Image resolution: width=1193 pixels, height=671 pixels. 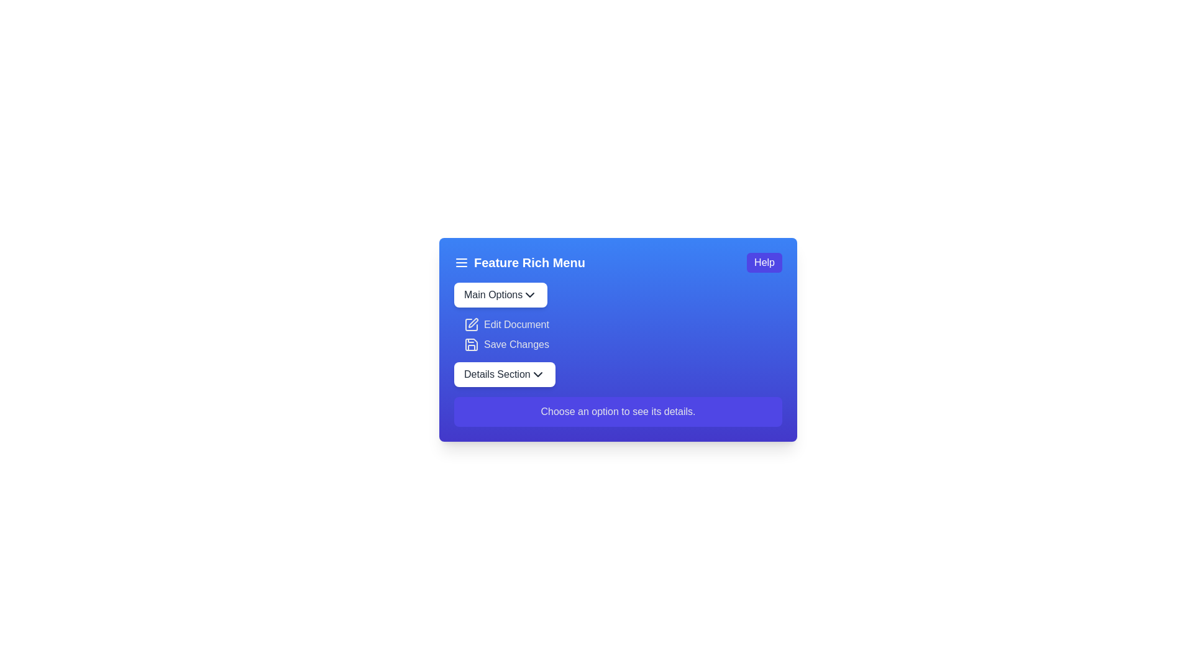 I want to click on the downward-pointing chevron icon located to the right of the 'Main Options' button, so click(x=530, y=294).